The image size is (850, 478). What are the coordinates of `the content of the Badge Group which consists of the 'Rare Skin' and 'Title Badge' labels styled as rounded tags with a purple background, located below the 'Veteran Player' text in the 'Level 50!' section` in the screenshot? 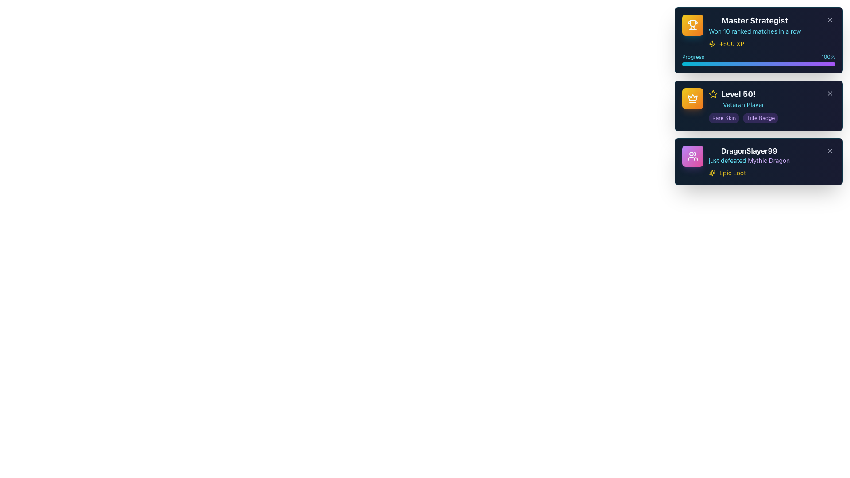 It's located at (743, 117).